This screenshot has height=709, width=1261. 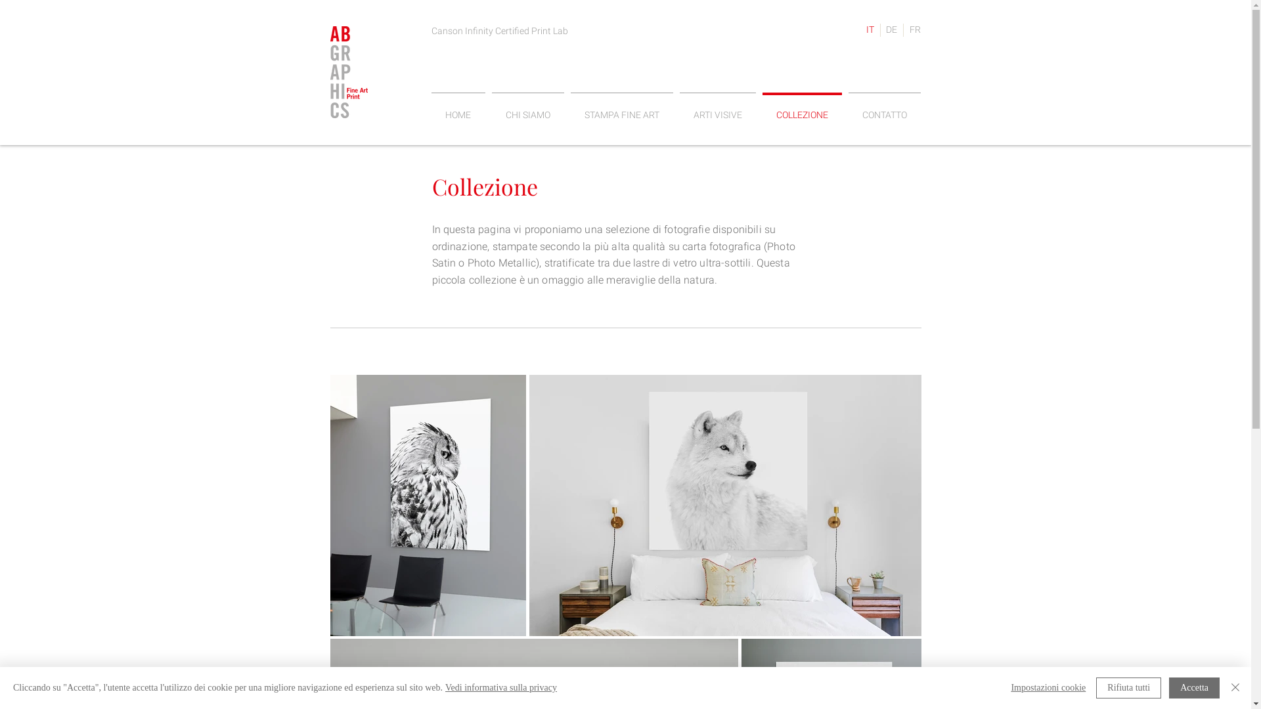 I want to click on 'Abgraphics_2.png', so click(x=348, y=72).